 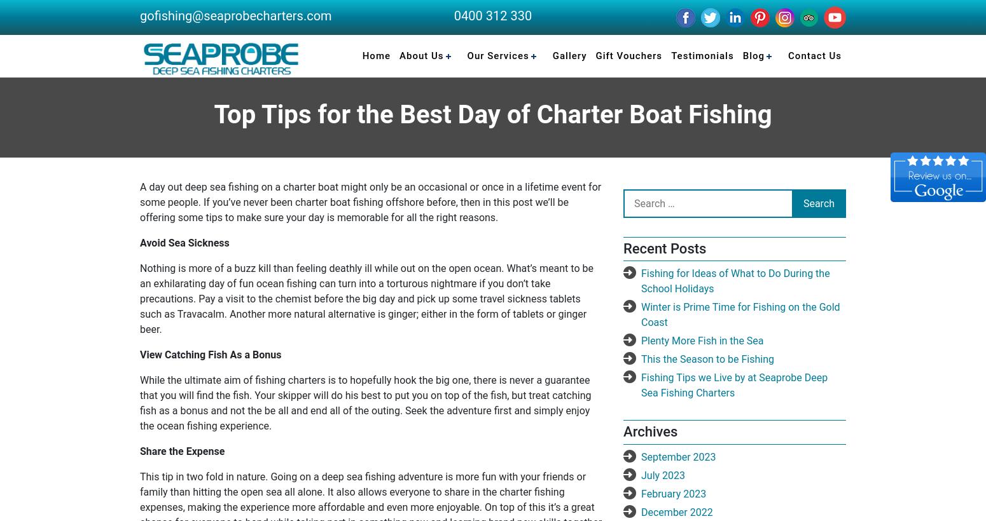 I want to click on 'Home', so click(x=376, y=55).